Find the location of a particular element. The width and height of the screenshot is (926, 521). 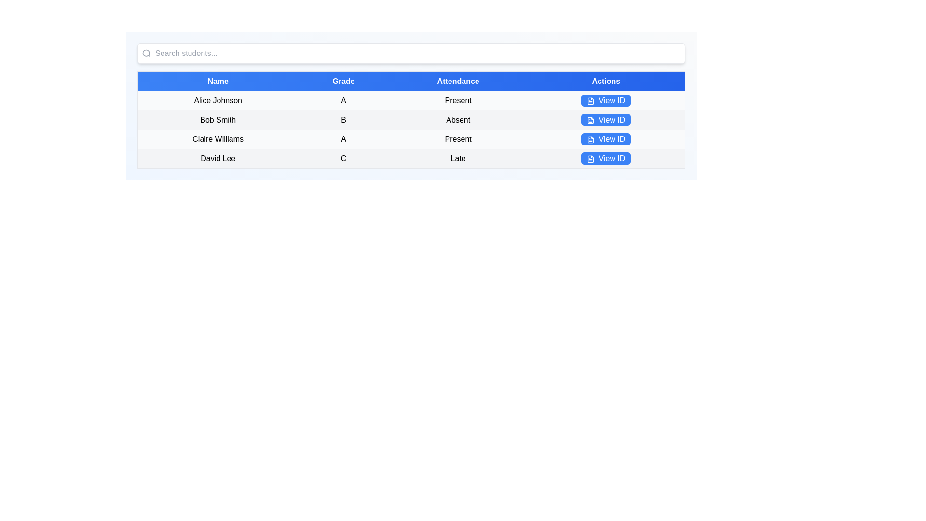

the decorative icon within the second 'View ID' button in the 'Actions' column, which corresponds to 'Bob Smith' is located at coordinates (590, 120).